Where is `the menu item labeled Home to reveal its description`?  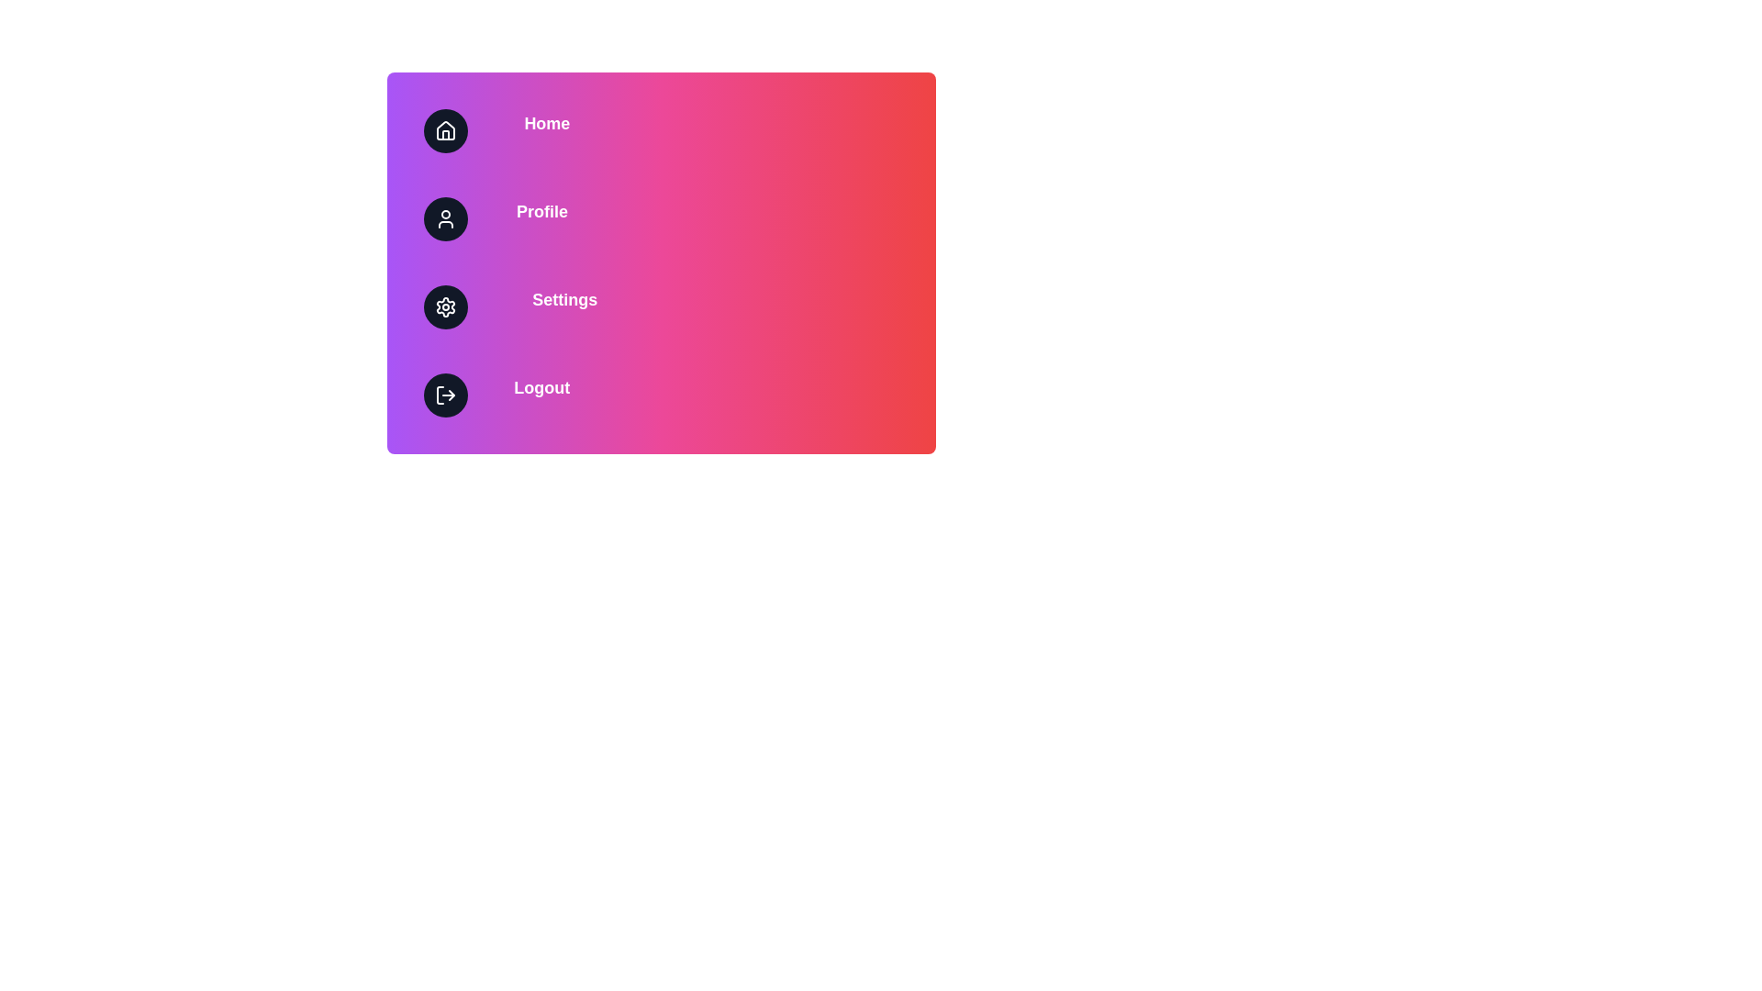
the menu item labeled Home to reveal its description is located at coordinates (661, 129).